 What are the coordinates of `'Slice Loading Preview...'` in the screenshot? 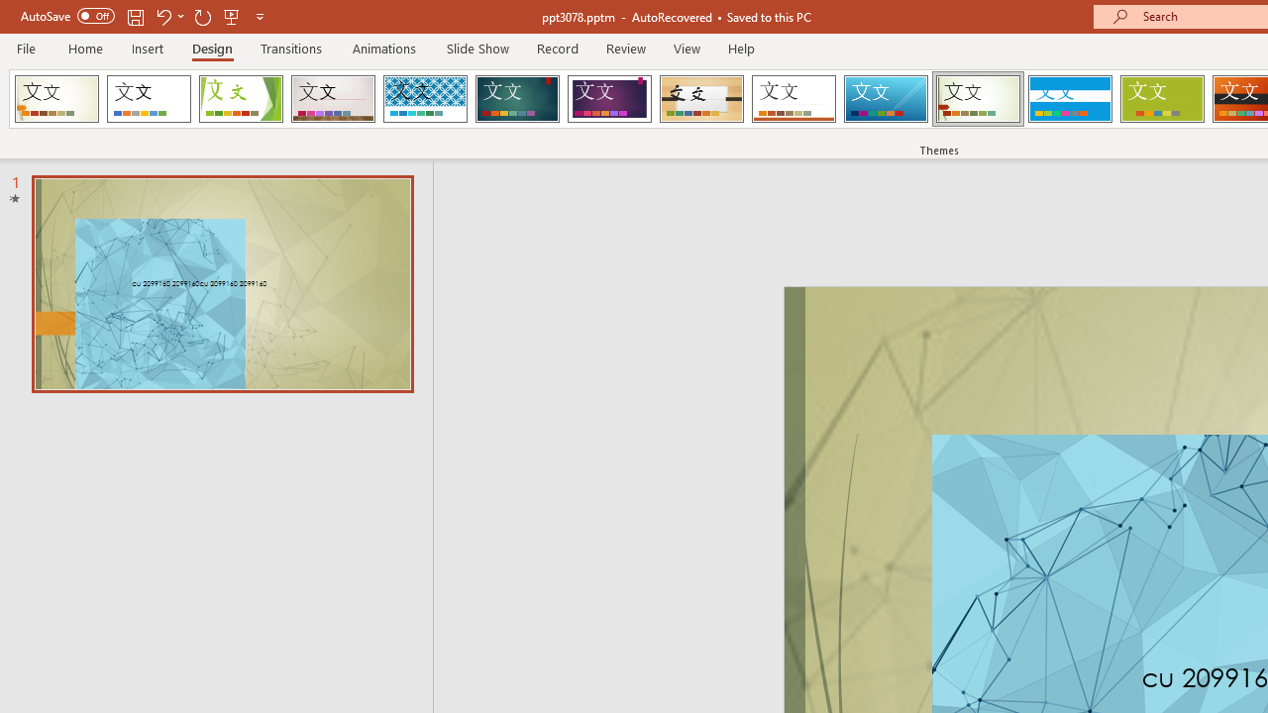 It's located at (885, 99).